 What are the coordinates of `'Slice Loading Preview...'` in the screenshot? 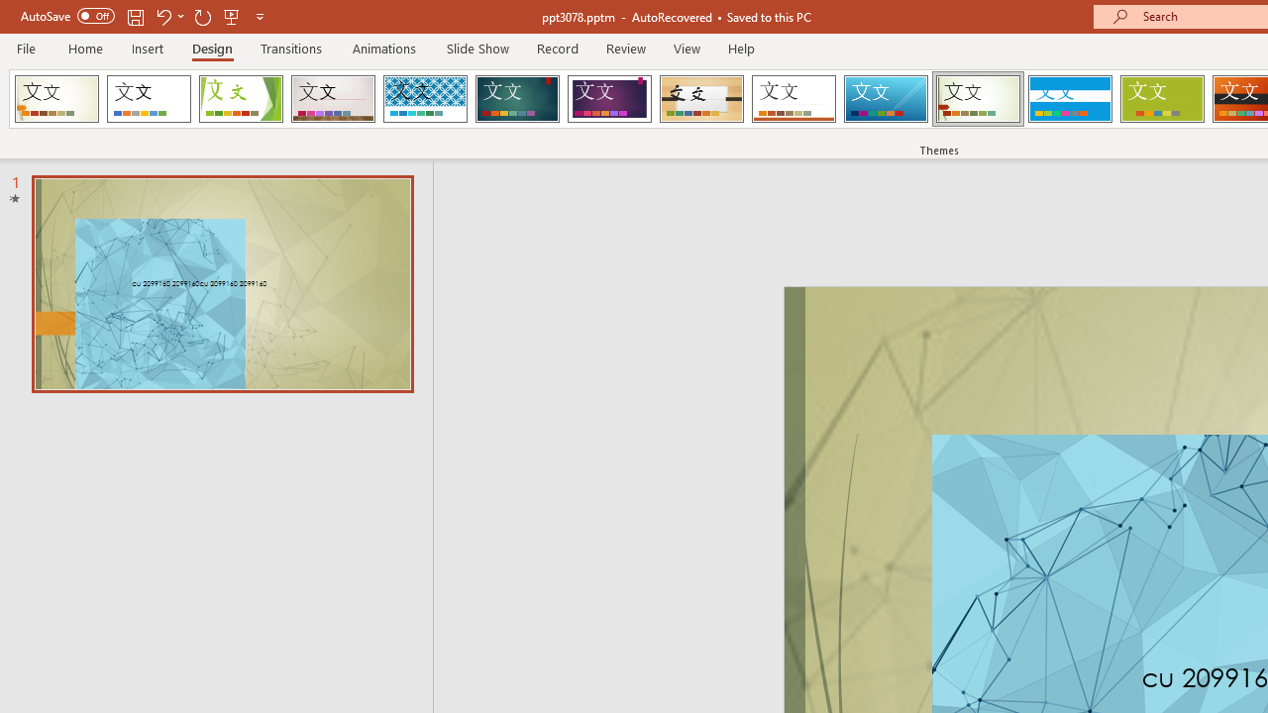 It's located at (885, 99).